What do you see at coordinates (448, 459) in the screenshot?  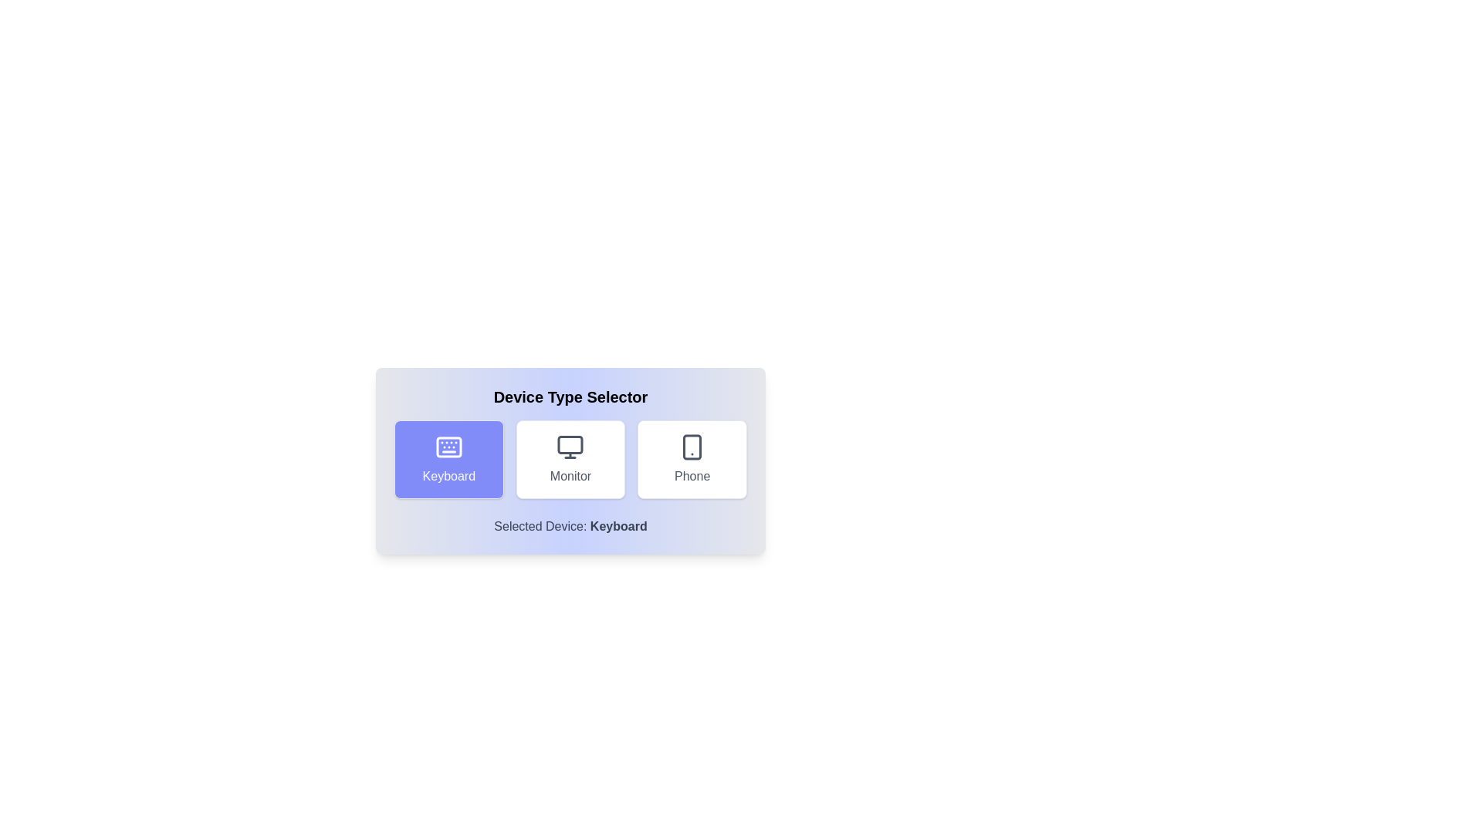 I see `the button corresponding to the selected device type Keyboard` at bounding box center [448, 459].